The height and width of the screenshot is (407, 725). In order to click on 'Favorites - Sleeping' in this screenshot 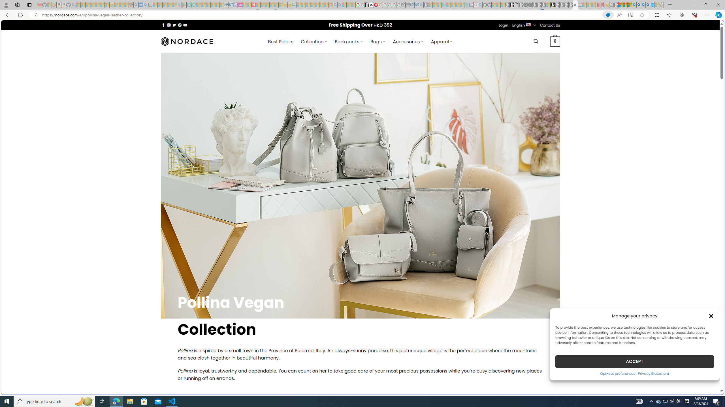, I will do `click(661, 5)`.